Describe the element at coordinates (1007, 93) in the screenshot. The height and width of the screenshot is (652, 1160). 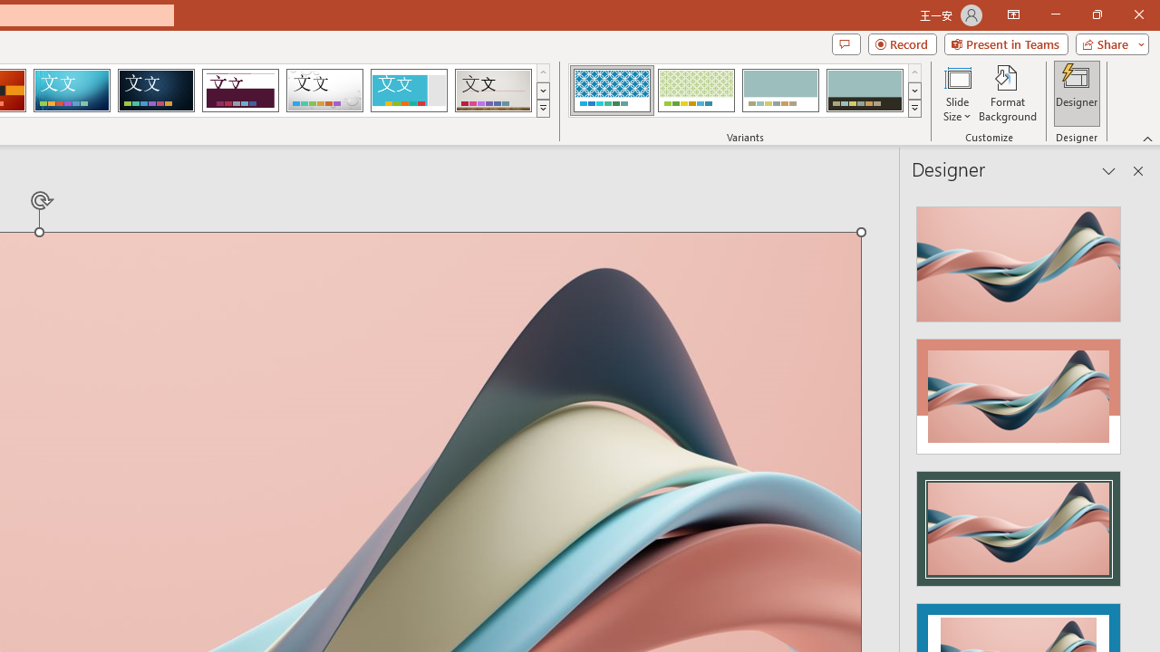
I see `'Format Background'` at that location.